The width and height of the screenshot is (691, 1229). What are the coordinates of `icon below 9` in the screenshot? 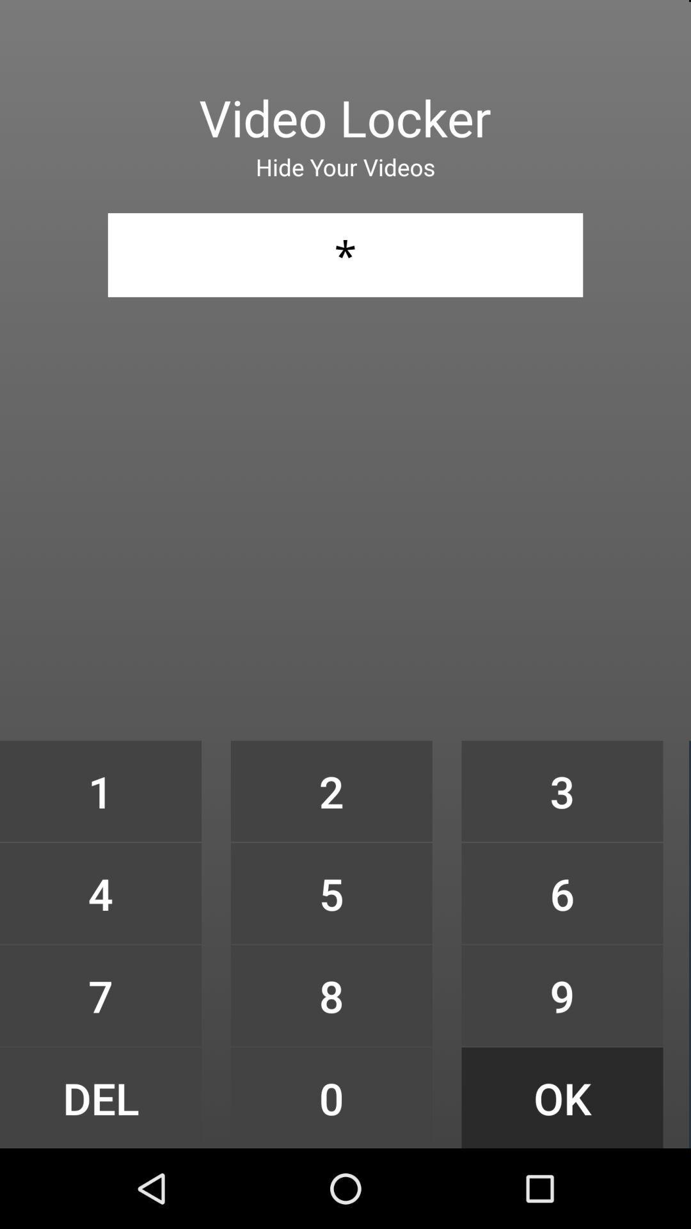 It's located at (562, 1097).